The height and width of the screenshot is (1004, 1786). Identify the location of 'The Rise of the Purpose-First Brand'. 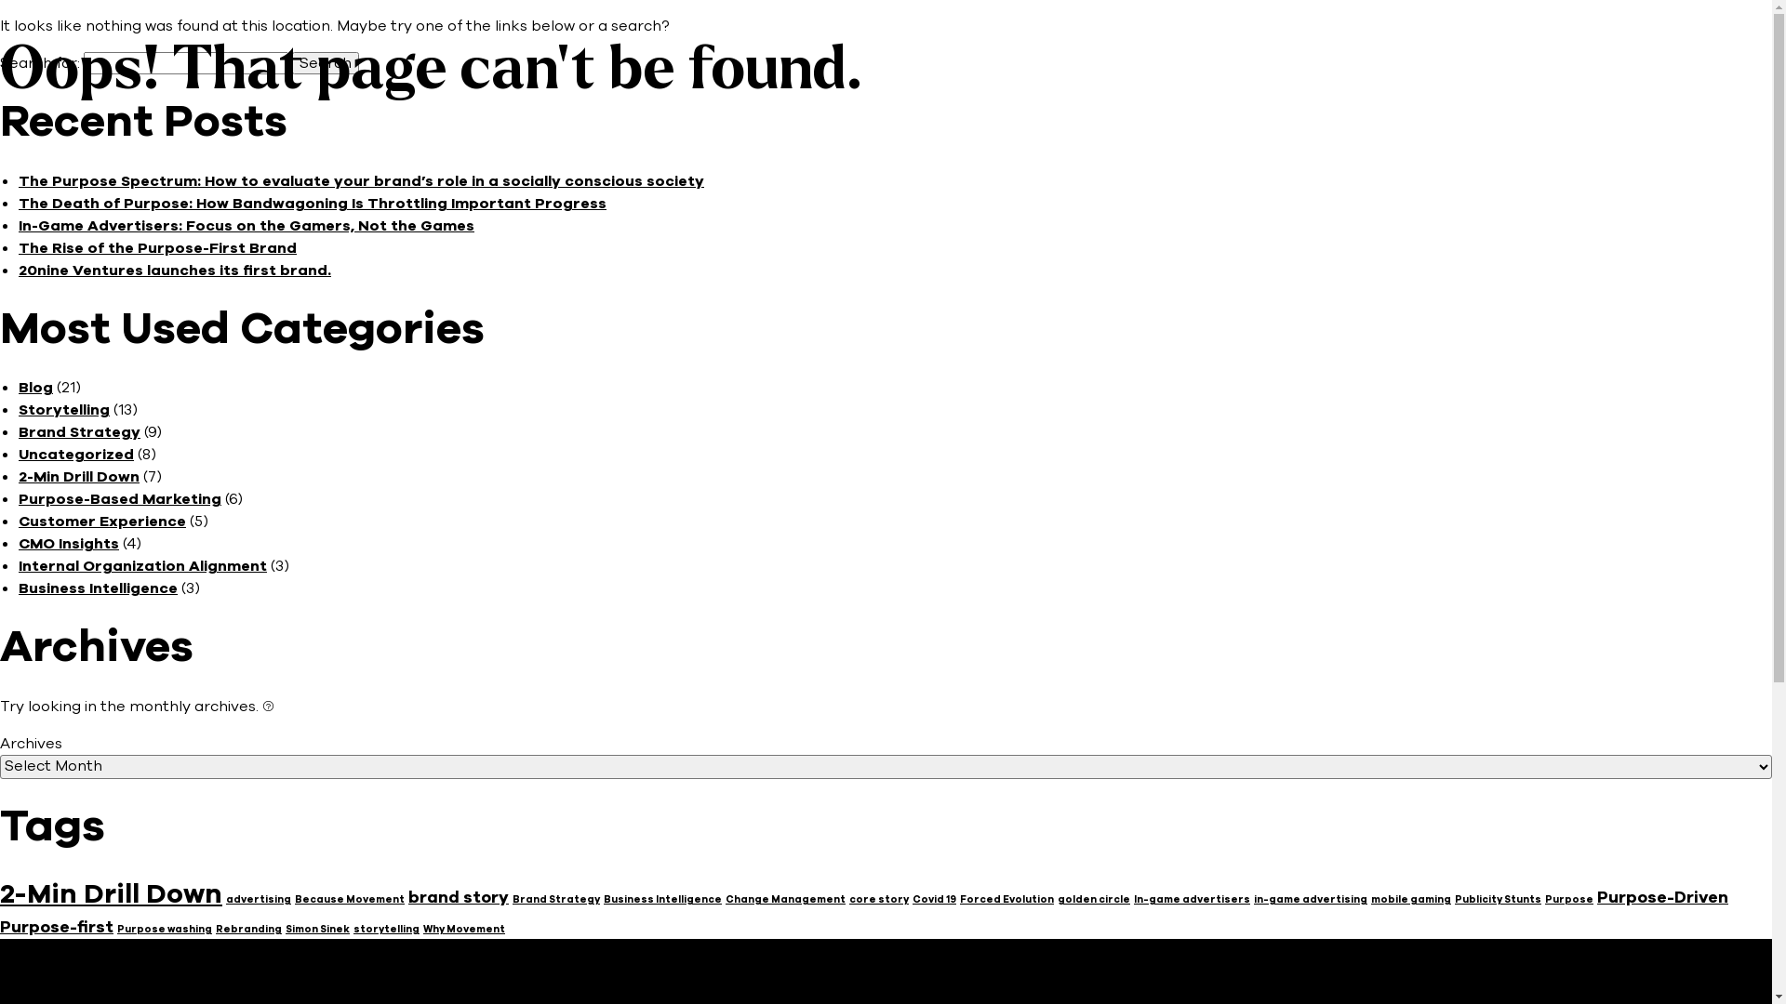
(157, 246).